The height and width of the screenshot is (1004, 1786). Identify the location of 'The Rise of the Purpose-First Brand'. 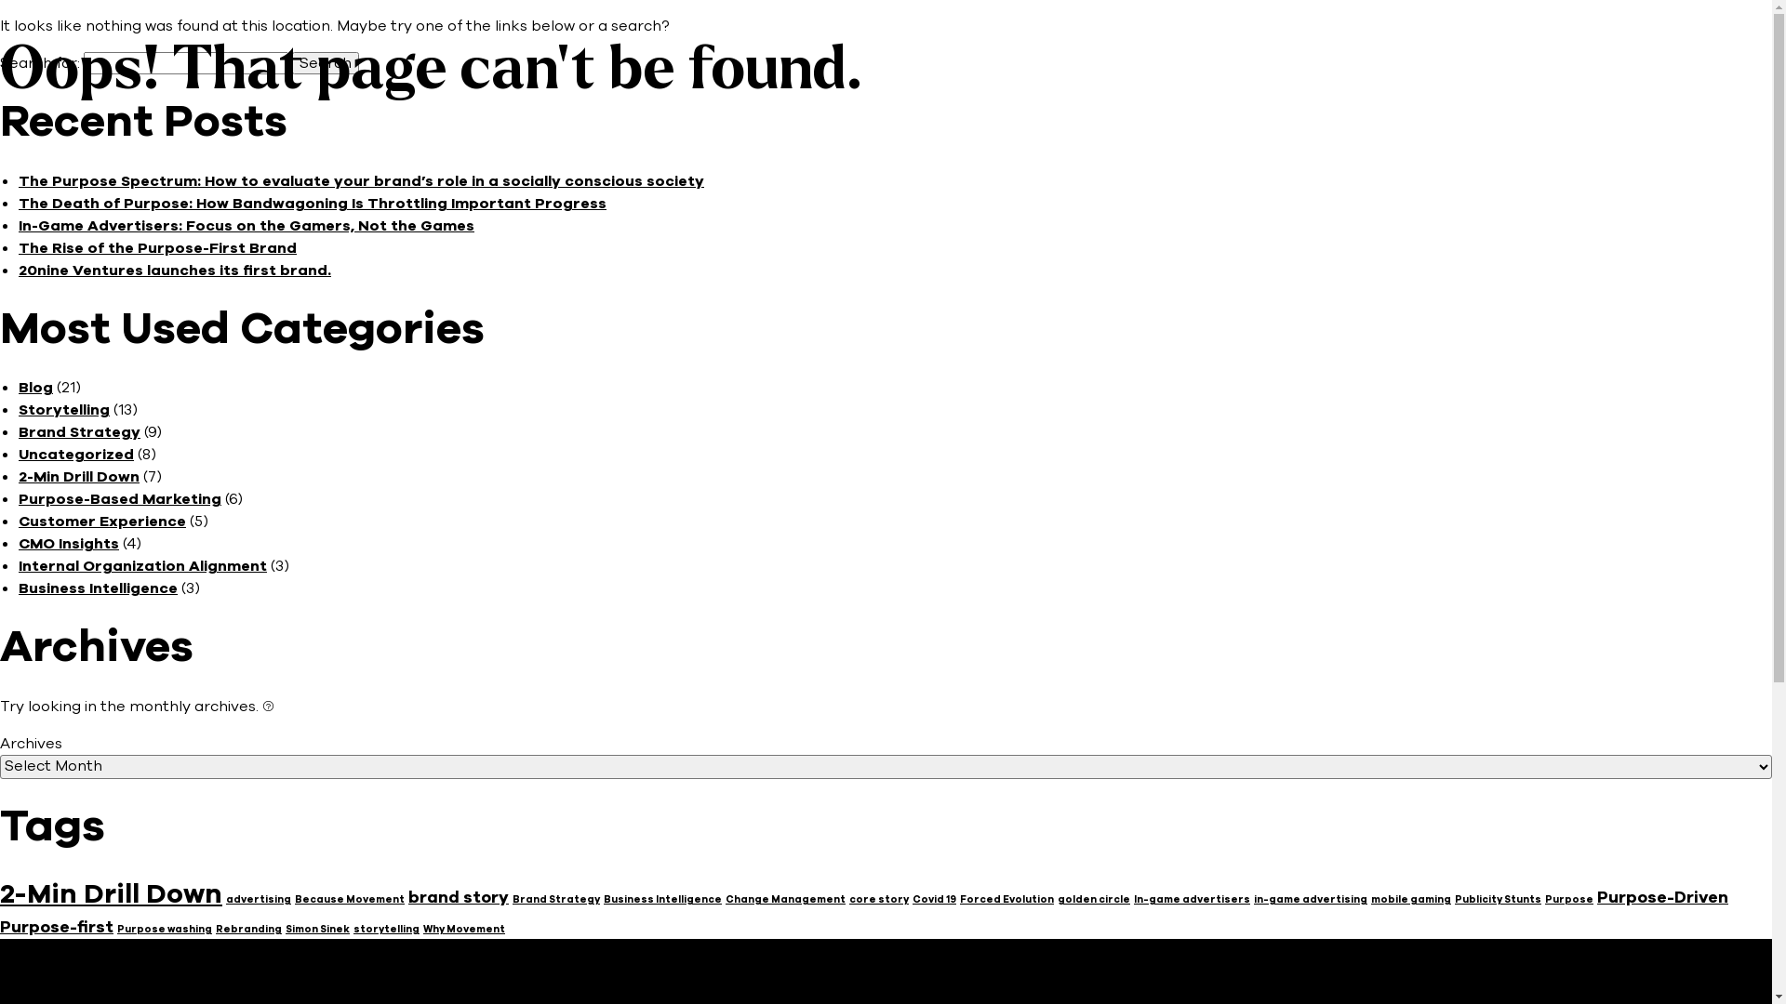
(157, 246).